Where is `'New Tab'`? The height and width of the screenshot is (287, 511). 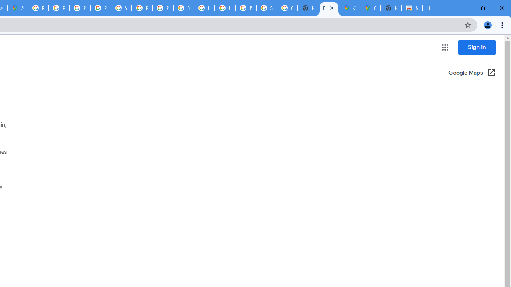 'New Tab' is located at coordinates (391, 8).